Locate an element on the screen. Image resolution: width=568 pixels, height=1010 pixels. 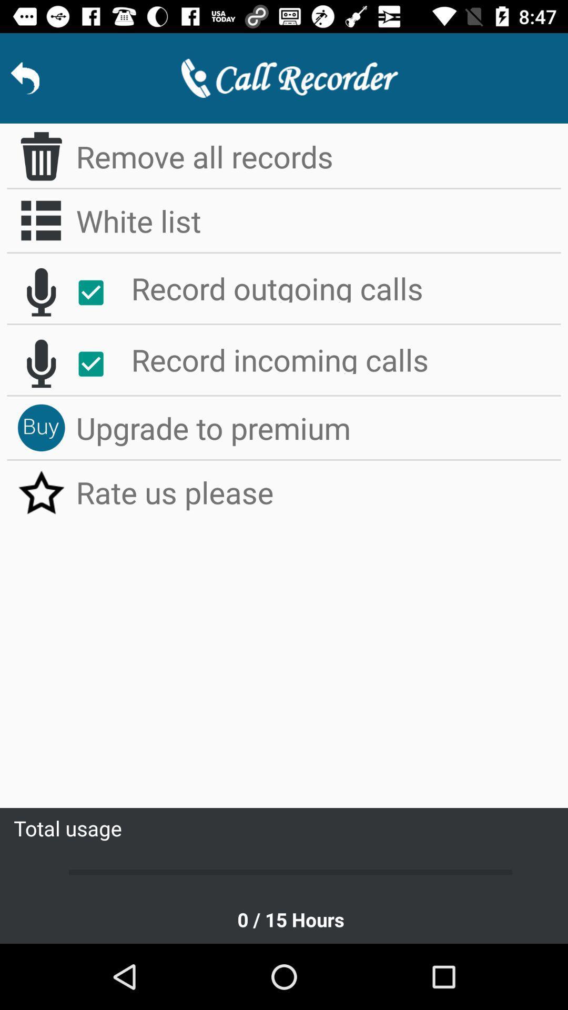
enlist button is located at coordinates (40, 220).